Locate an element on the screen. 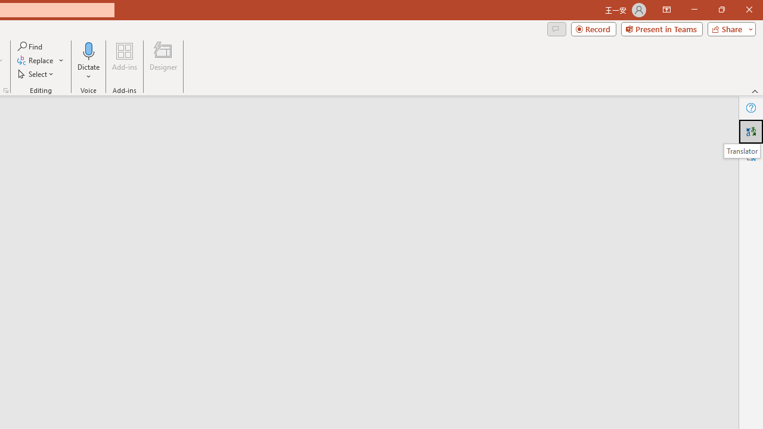 The image size is (763, 429). 'Collapse the Ribbon' is located at coordinates (755, 91).